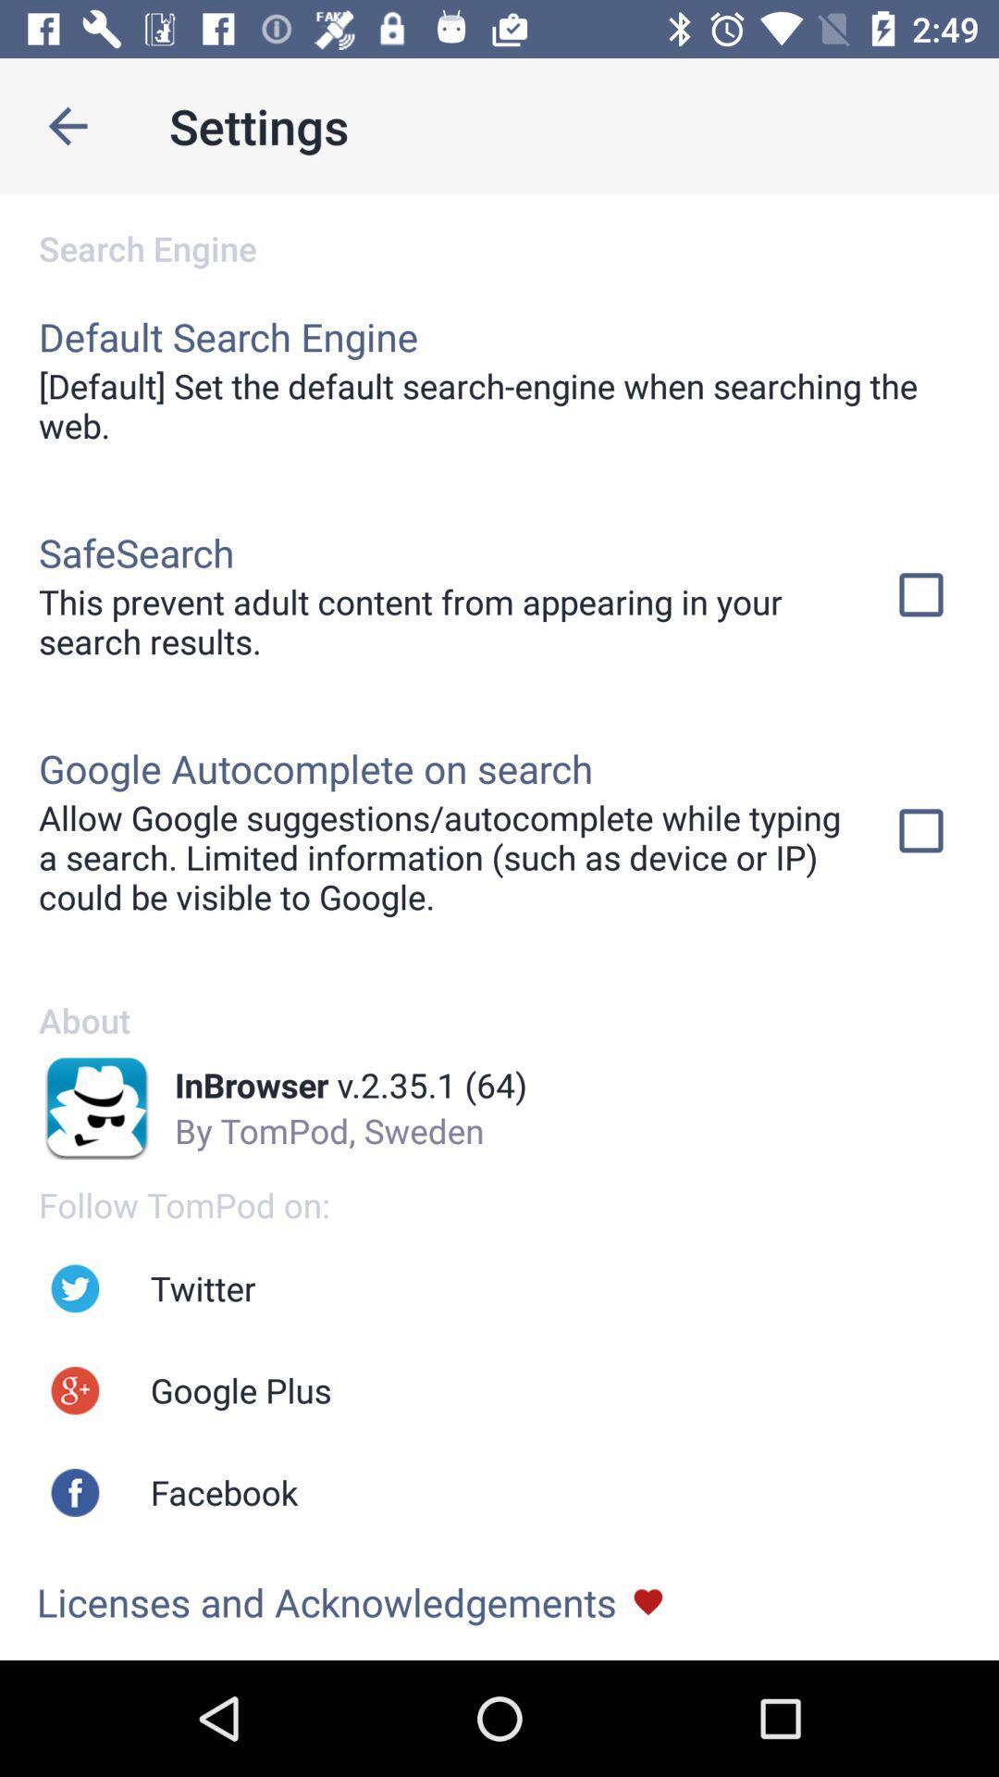 This screenshot has width=999, height=1777. Describe the element at coordinates (351, 1085) in the screenshot. I see `the app above the by tompod, sweden item` at that location.